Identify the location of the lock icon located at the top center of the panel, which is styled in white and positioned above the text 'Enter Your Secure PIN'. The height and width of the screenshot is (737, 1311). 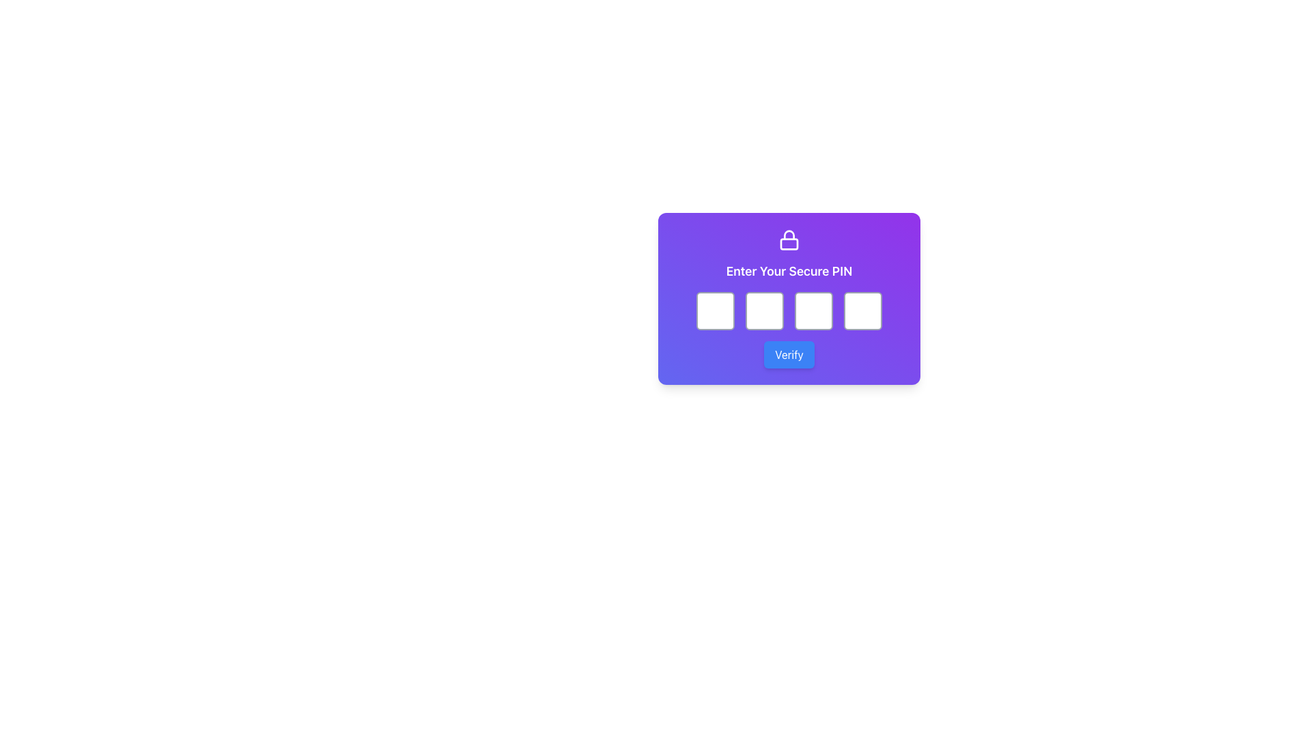
(789, 239).